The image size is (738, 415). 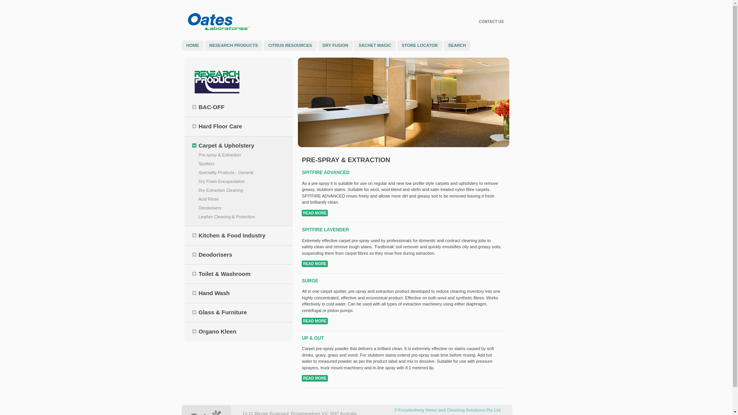 What do you see at coordinates (192, 273) in the screenshot?
I see `'Toilet & Washroom'` at bounding box center [192, 273].